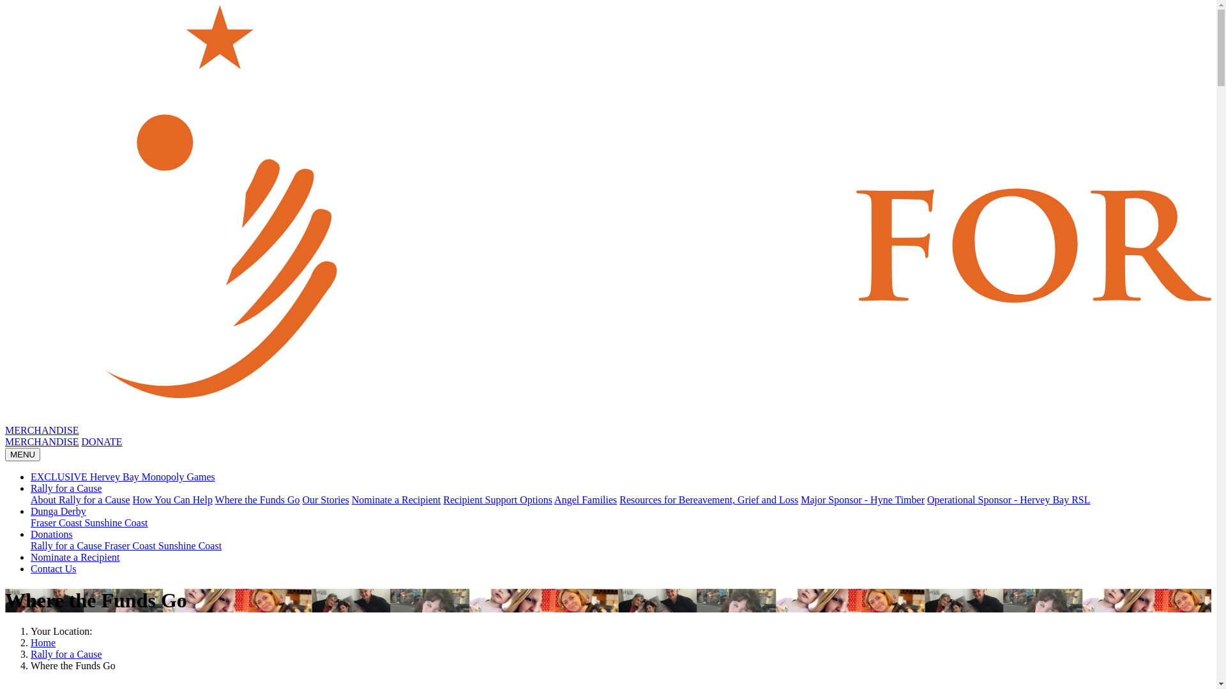 The height and width of the screenshot is (689, 1226). Describe the element at coordinates (132, 545) in the screenshot. I see `'Fraser Coast'` at that location.